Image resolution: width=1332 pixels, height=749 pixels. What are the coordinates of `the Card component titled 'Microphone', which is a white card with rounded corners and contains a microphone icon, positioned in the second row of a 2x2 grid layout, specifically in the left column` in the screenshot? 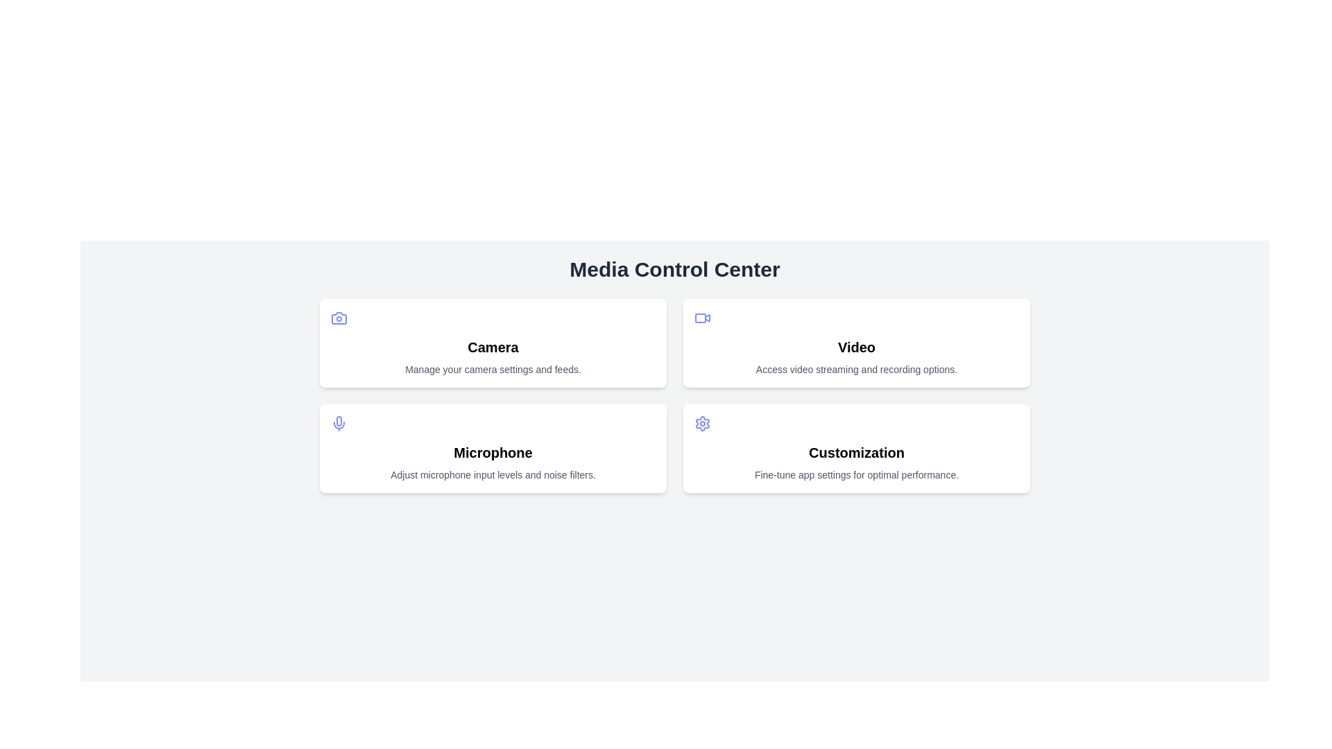 It's located at (493, 449).